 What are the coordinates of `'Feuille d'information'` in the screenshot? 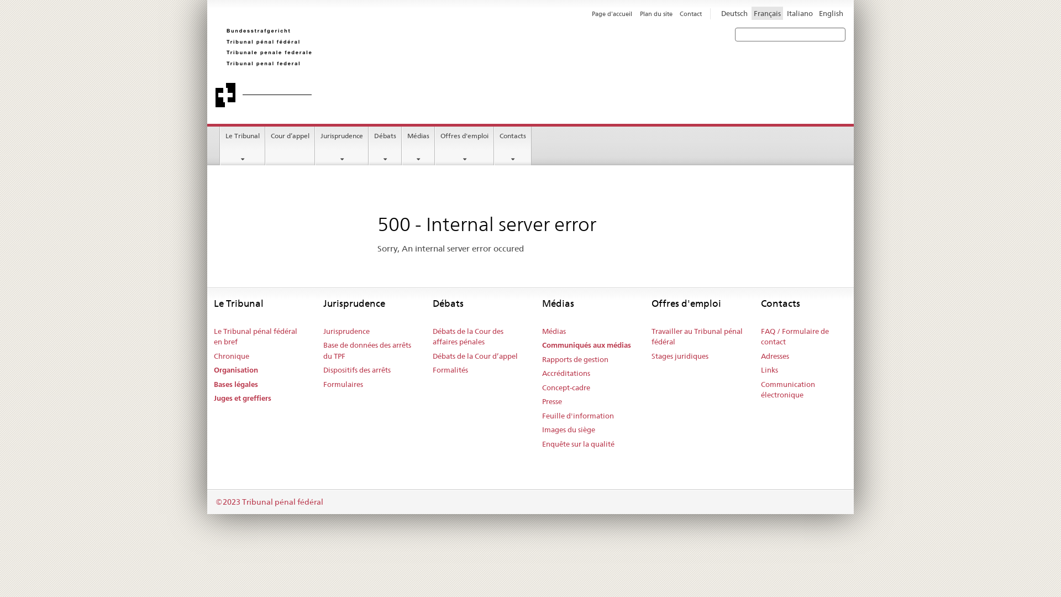 It's located at (577, 416).